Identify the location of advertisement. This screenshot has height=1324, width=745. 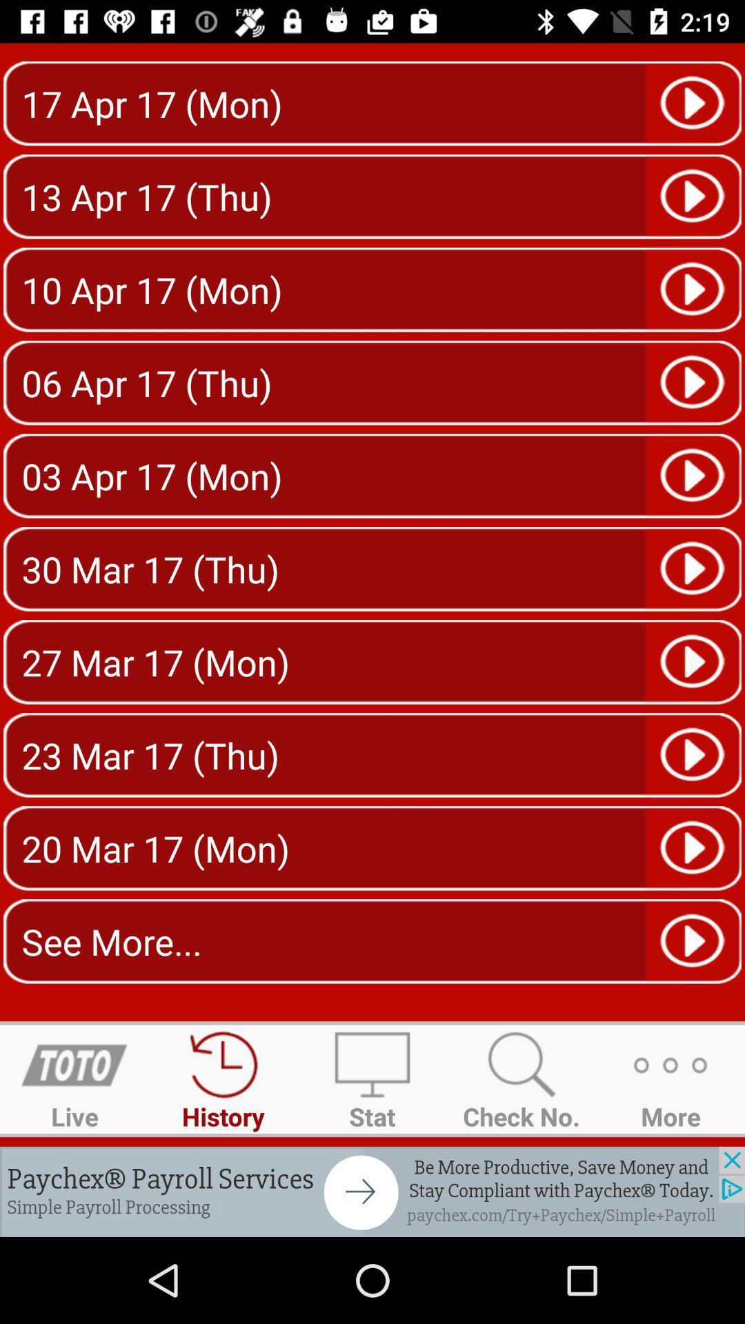
(372, 1191).